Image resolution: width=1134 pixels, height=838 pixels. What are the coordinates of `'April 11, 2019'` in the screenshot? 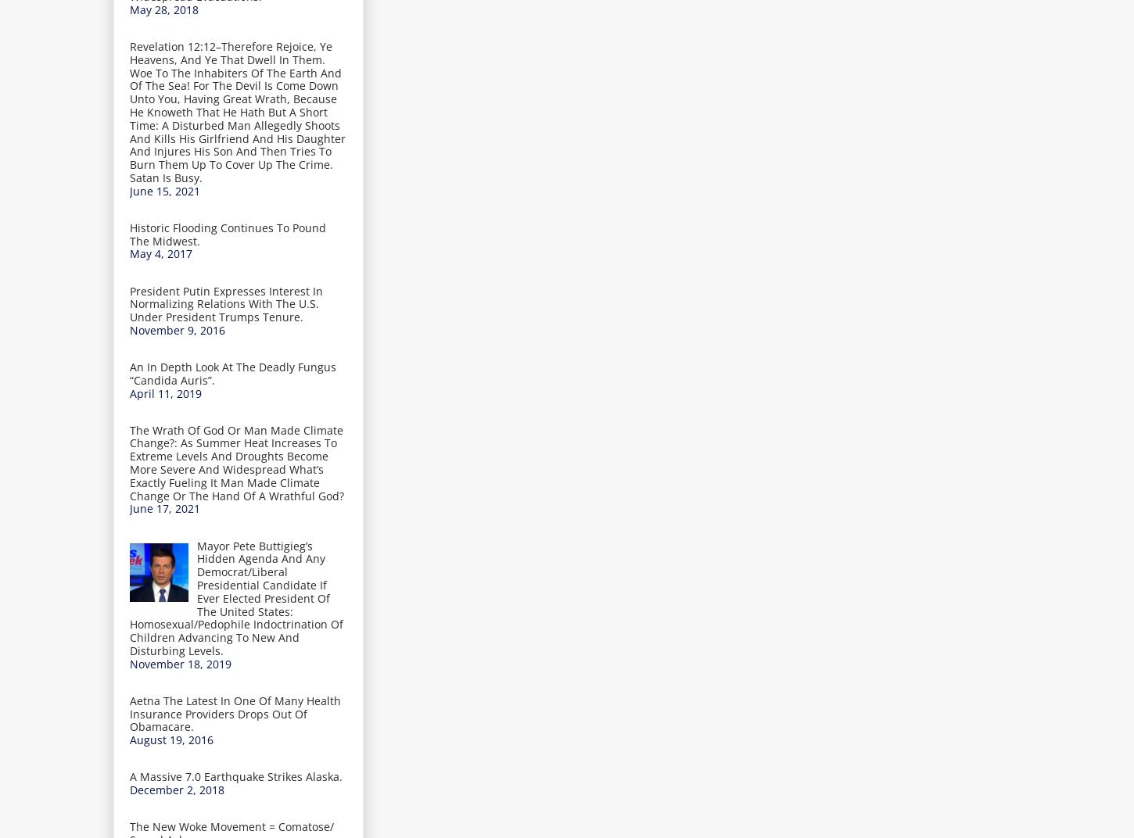 It's located at (164, 392).